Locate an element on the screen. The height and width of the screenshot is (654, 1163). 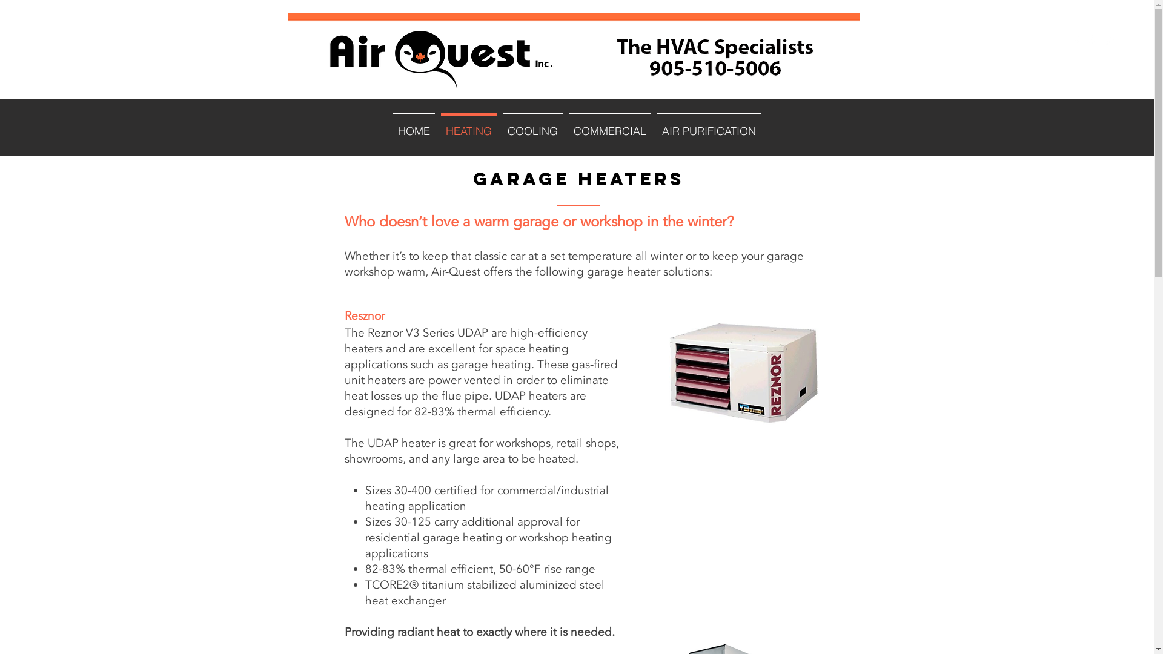
'COOLING' is located at coordinates (532, 125).